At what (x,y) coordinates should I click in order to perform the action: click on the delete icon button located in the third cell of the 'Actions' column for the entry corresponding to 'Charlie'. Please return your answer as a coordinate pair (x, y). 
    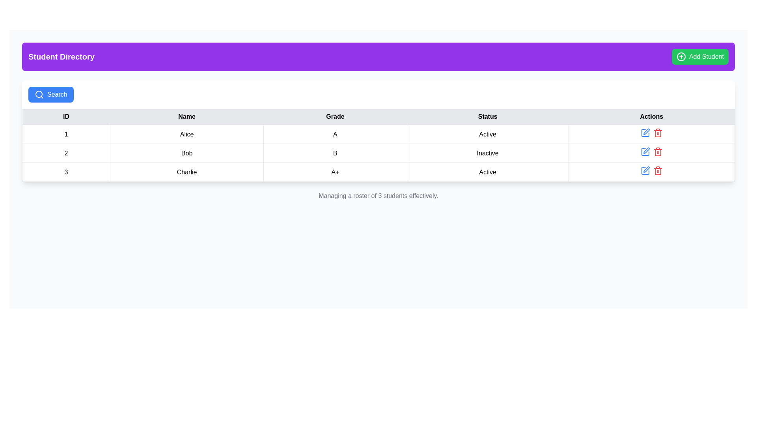
    Looking at the image, I should click on (658, 132).